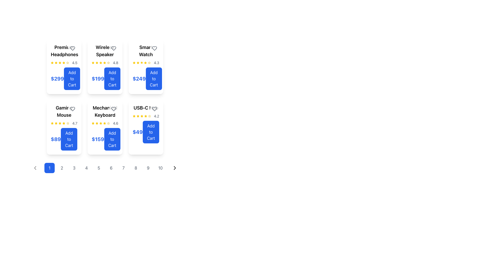 This screenshot has height=277, width=493. I want to click on the text element labeled 'Premium Headphones', so click(64, 51).